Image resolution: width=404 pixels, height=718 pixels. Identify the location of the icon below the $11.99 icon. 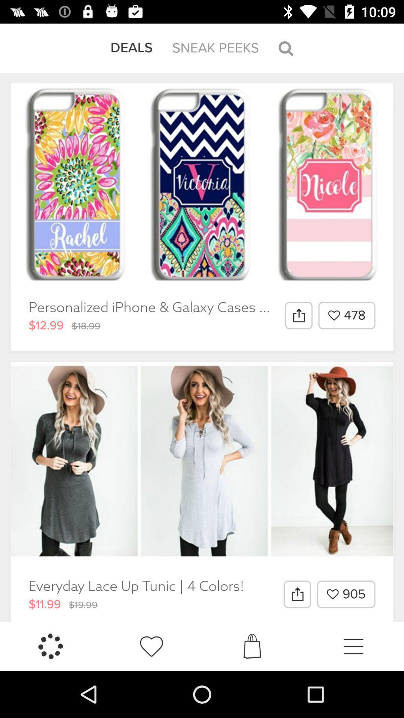
(50, 646).